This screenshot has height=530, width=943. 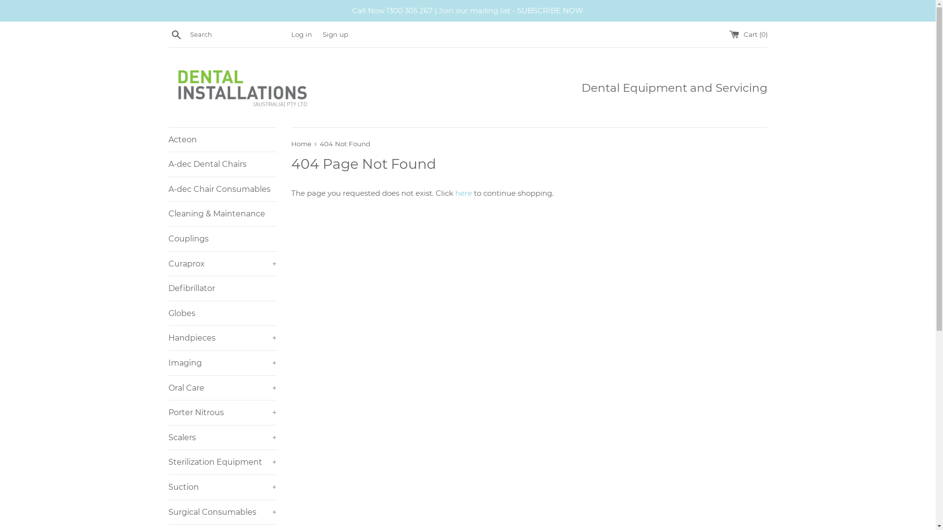 What do you see at coordinates (221, 338) in the screenshot?
I see `'Handpieces` at bounding box center [221, 338].